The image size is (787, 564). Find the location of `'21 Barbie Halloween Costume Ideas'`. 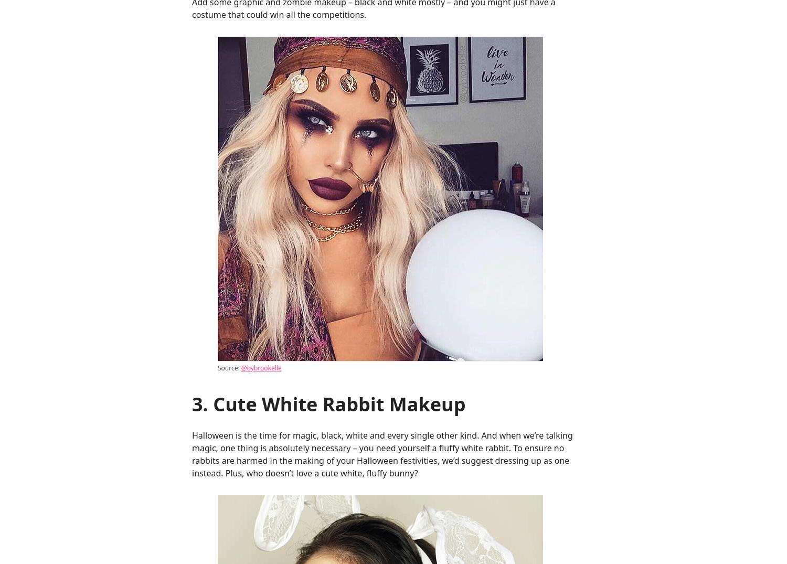

'21 Barbie Halloween Costume Ideas' is located at coordinates (381, 36).